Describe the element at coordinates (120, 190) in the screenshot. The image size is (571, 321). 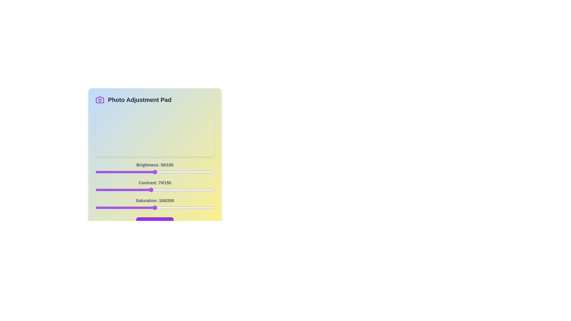
I see `the 1 slider to 31` at that location.